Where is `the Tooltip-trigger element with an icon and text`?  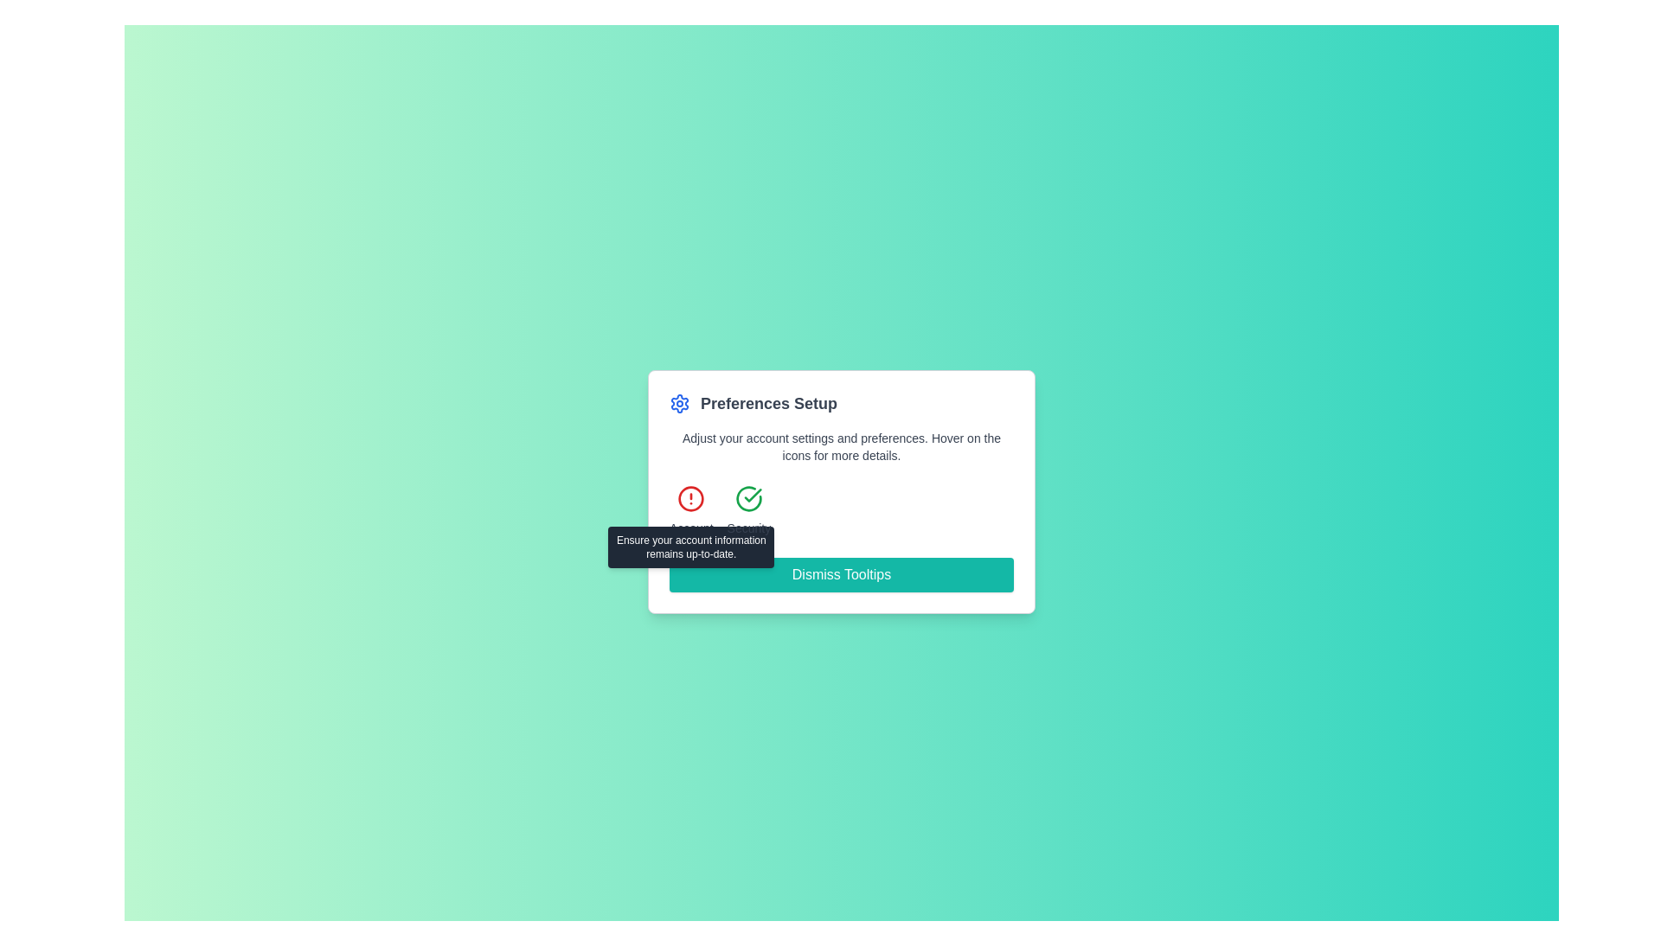 the Tooltip-trigger element with an icon and text is located at coordinates (690, 509).